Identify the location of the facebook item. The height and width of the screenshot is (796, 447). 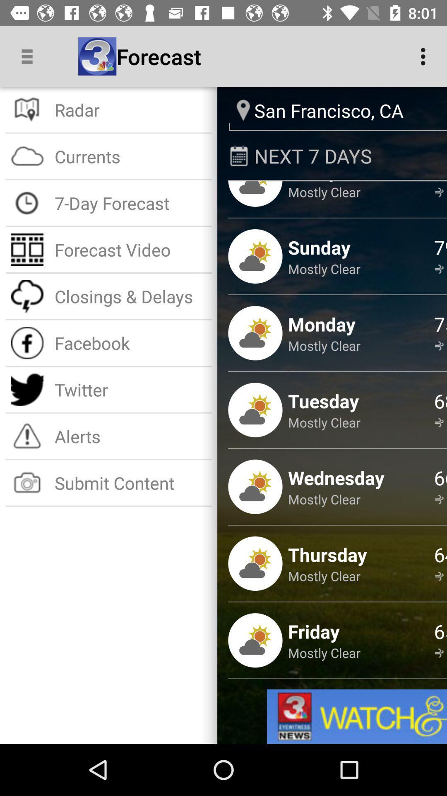
(130, 343).